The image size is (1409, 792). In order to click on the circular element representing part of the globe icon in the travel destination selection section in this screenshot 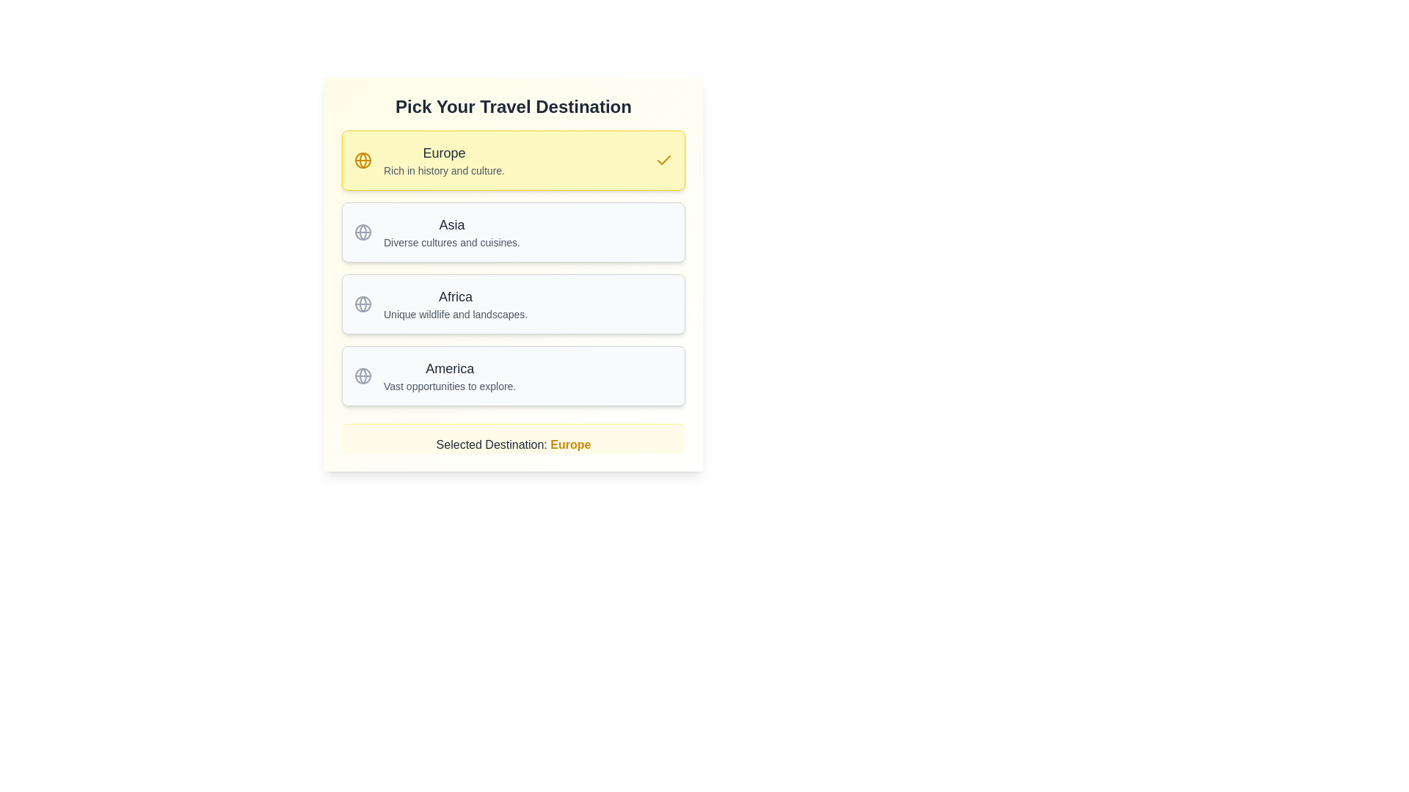, I will do `click(363, 375)`.